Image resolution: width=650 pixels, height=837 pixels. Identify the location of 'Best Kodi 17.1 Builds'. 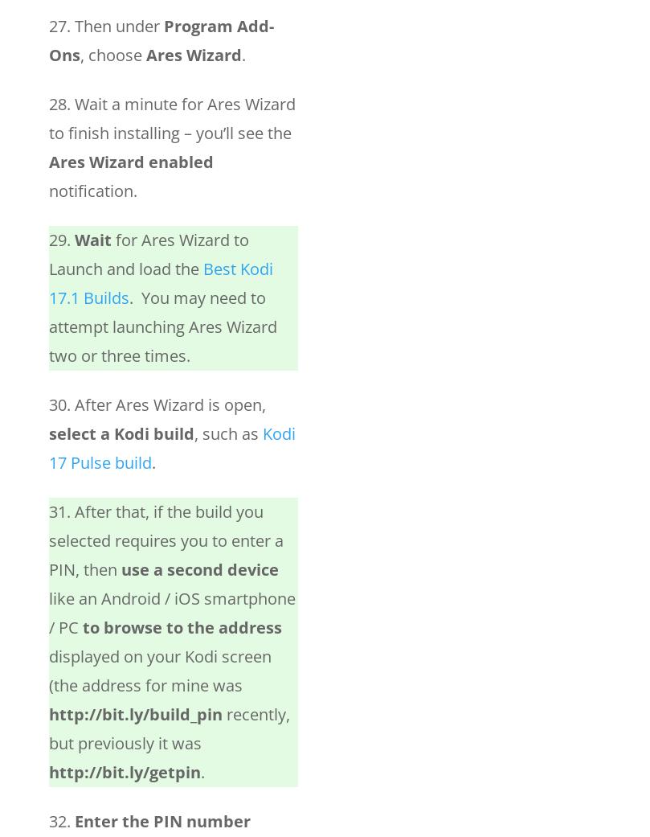
(160, 283).